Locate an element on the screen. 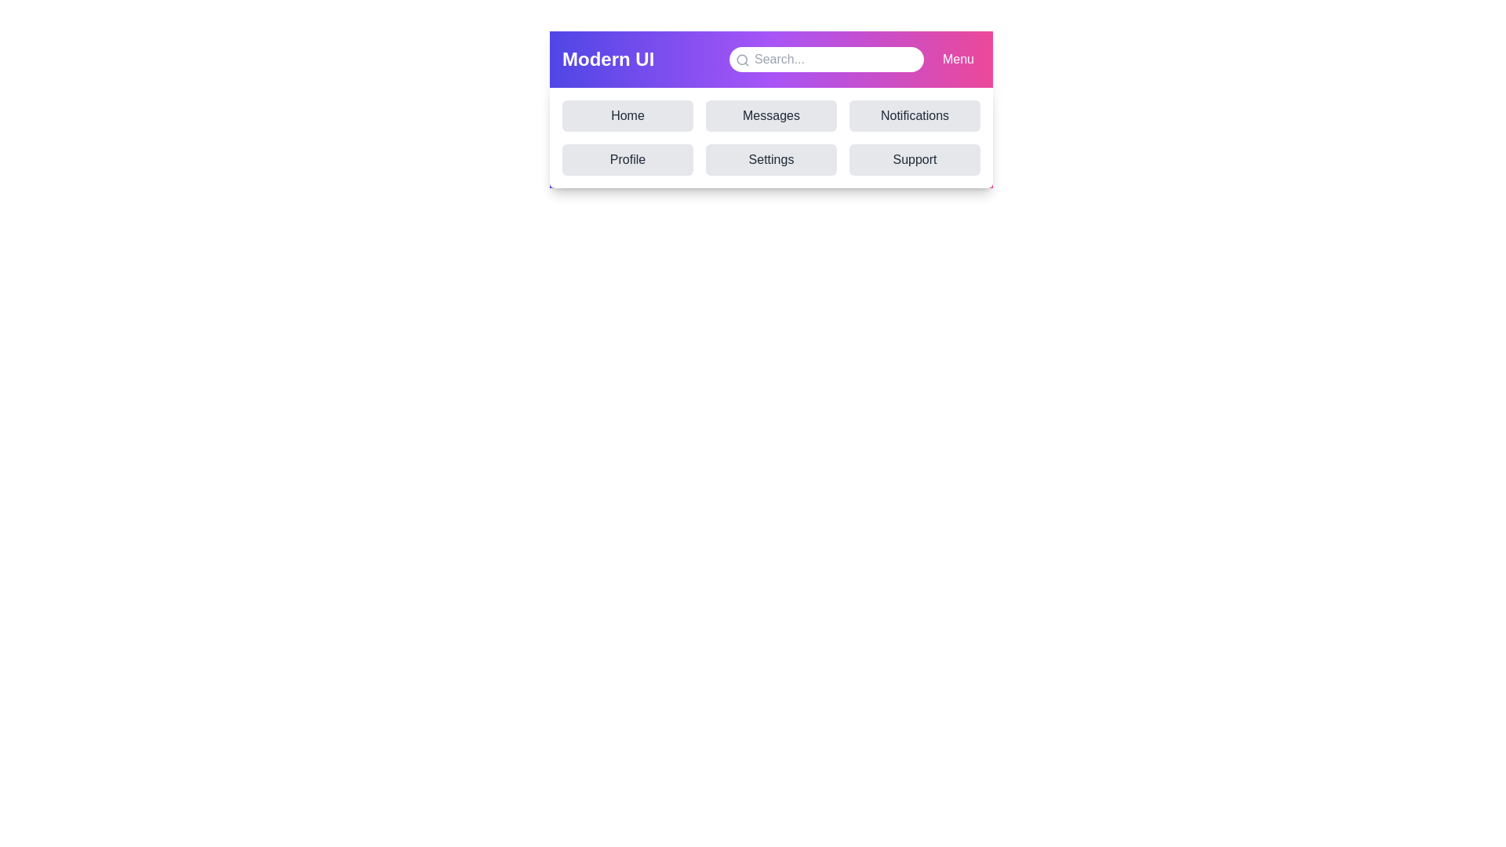  the navigation item Notifications to simulate navigation is located at coordinates (915, 115).